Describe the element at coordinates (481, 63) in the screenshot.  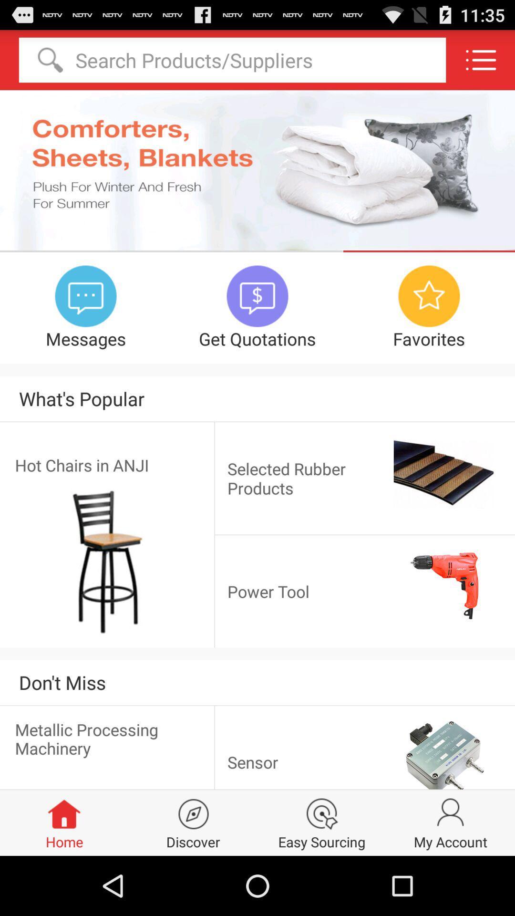
I see `the list icon` at that location.